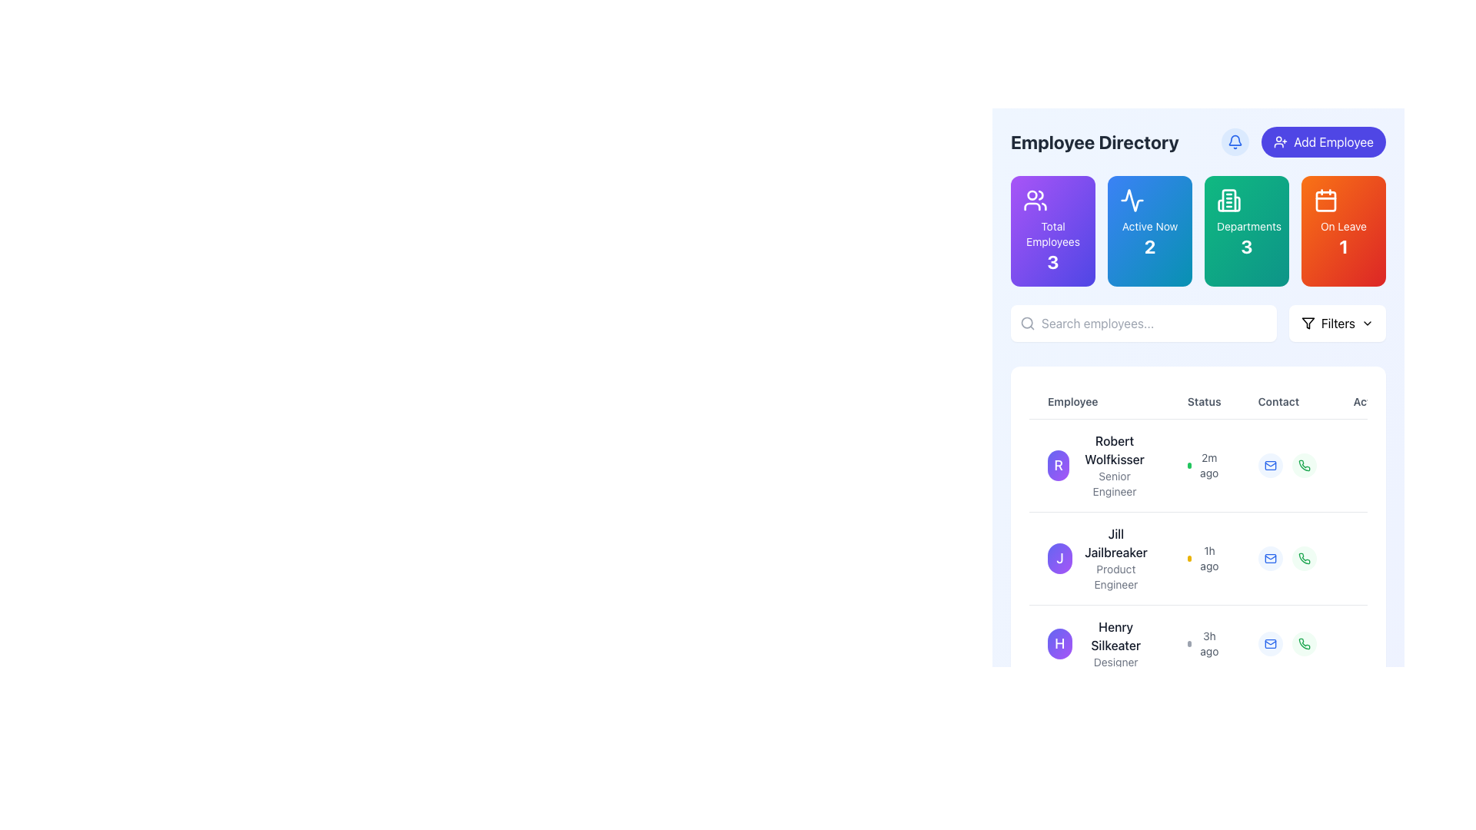  Describe the element at coordinates (1337, 322) in the screenshot. I see `the 'Filters' text label located in the upper-right region of the interface, which is part of a filter button or dropdown menu for the employee directory` at that location.